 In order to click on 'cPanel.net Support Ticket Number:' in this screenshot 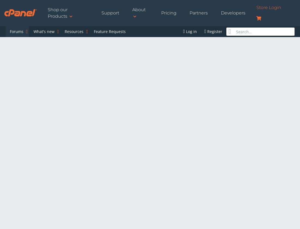, I will do `click(40, 170)`.